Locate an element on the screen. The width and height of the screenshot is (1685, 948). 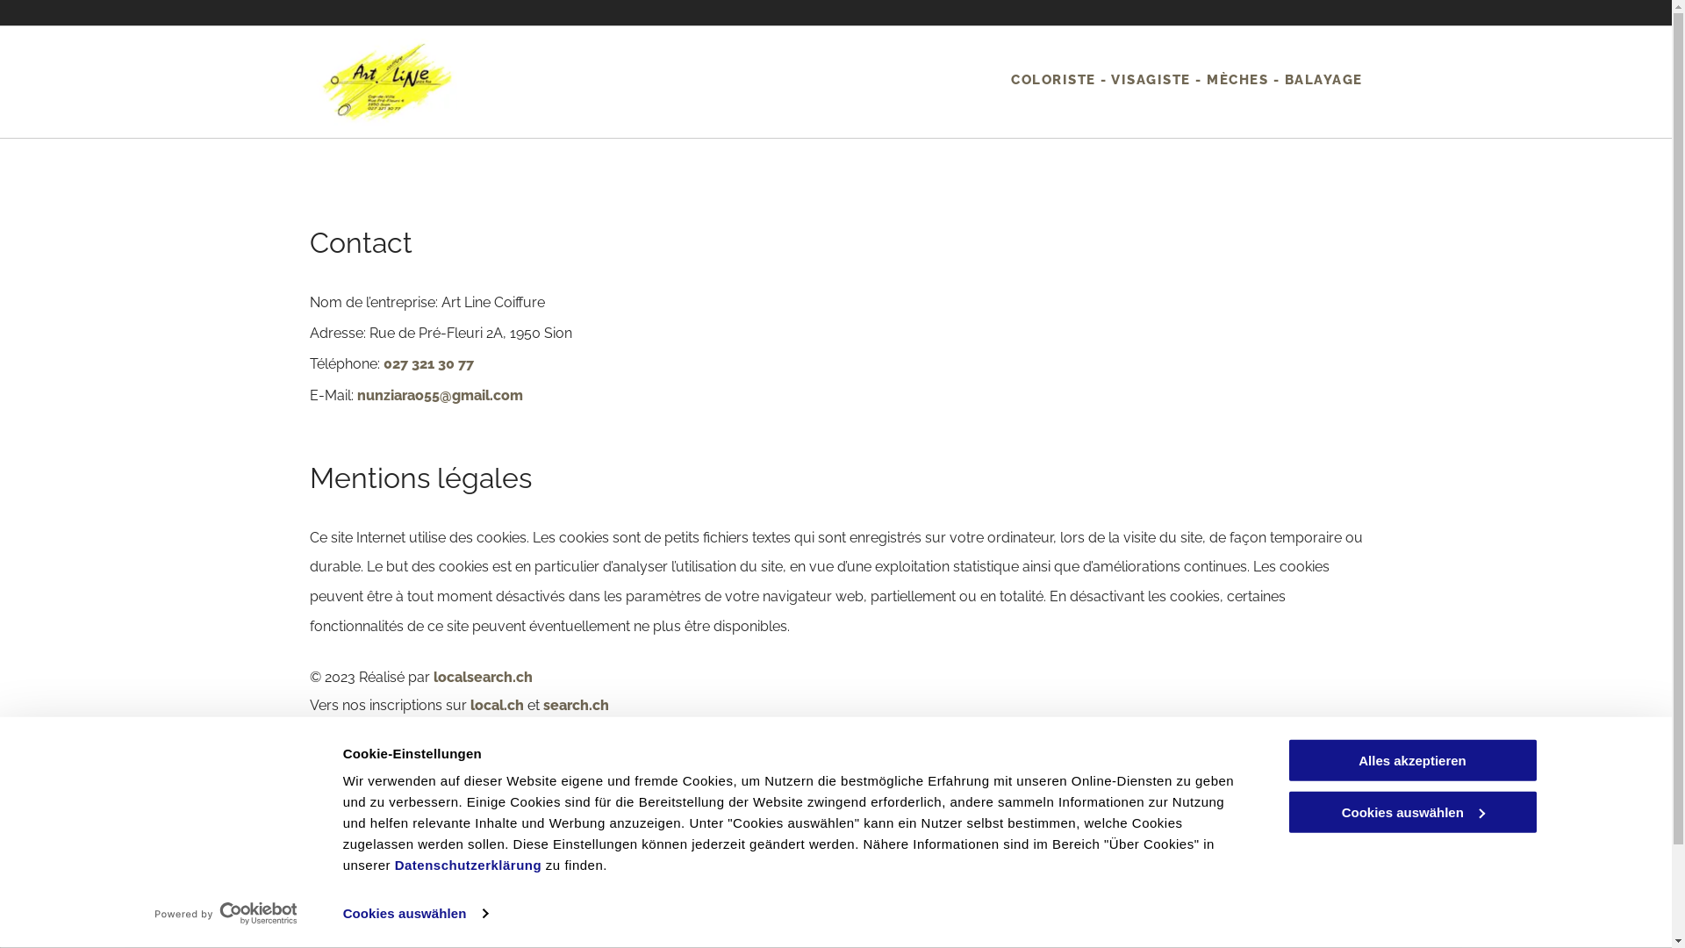
'nunziarao55@gmail.com' is located at coordinates (439, 395).